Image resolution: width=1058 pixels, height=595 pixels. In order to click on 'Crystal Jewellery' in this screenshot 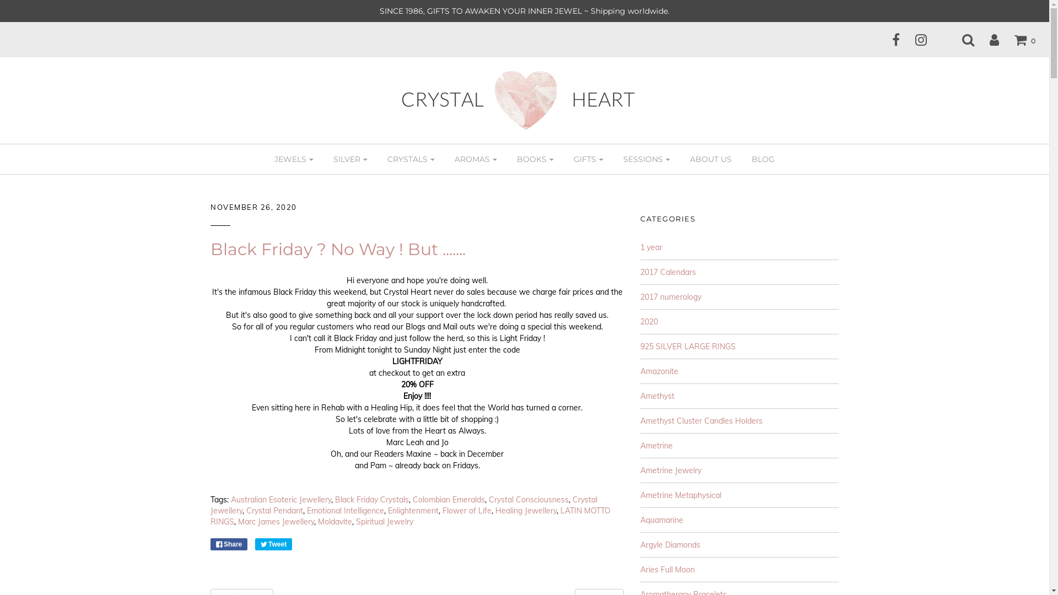, I will do `click(210, 505)`.